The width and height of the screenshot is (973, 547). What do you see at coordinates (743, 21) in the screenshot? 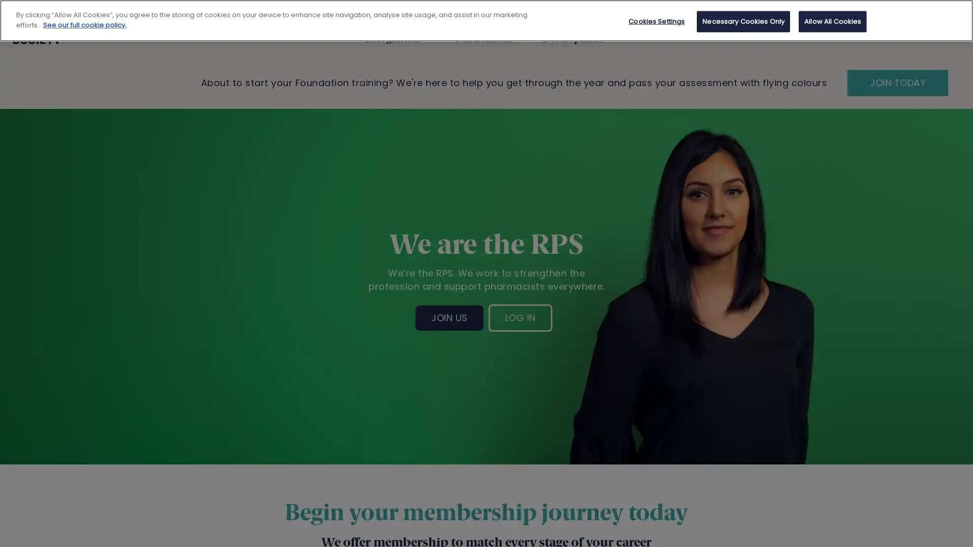
I see `Necessary Cookies Only` at bounding box center [743, 21].